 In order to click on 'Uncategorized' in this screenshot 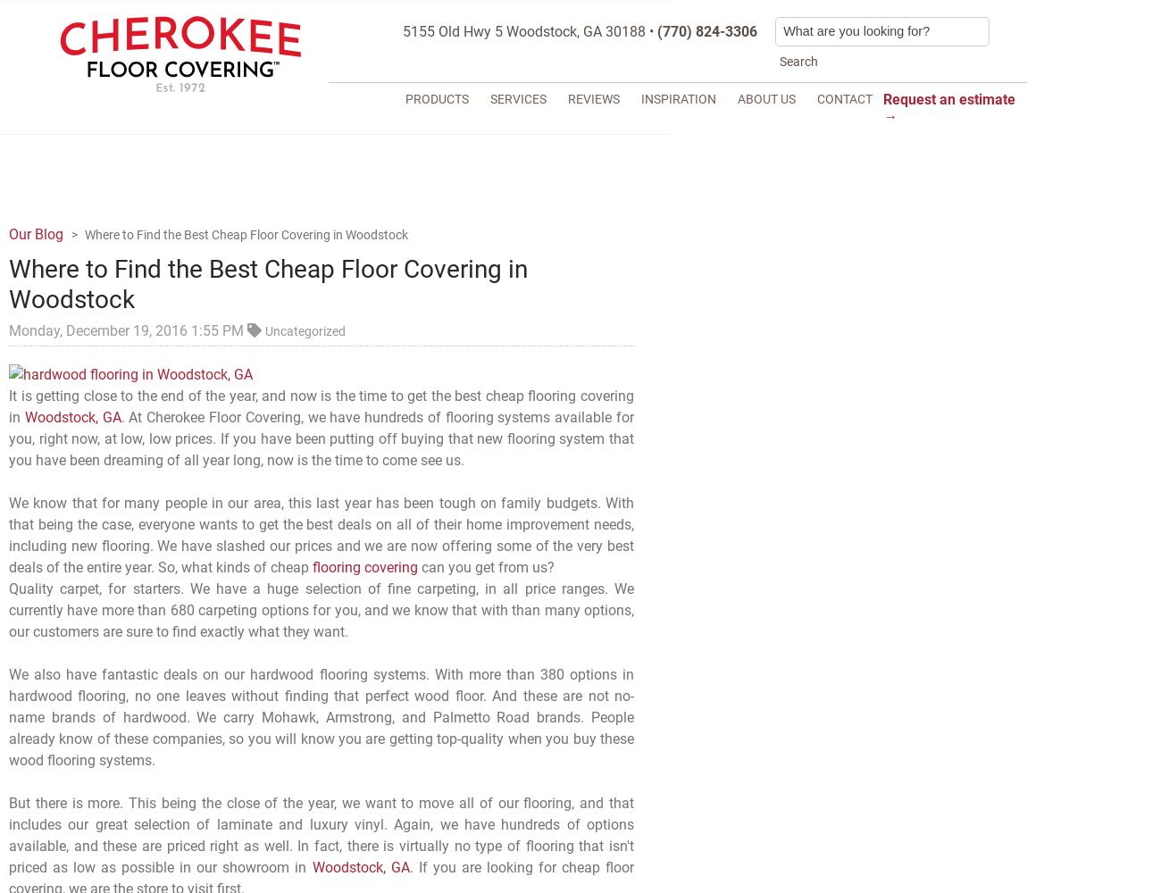, I will do `click(305, 330)`.